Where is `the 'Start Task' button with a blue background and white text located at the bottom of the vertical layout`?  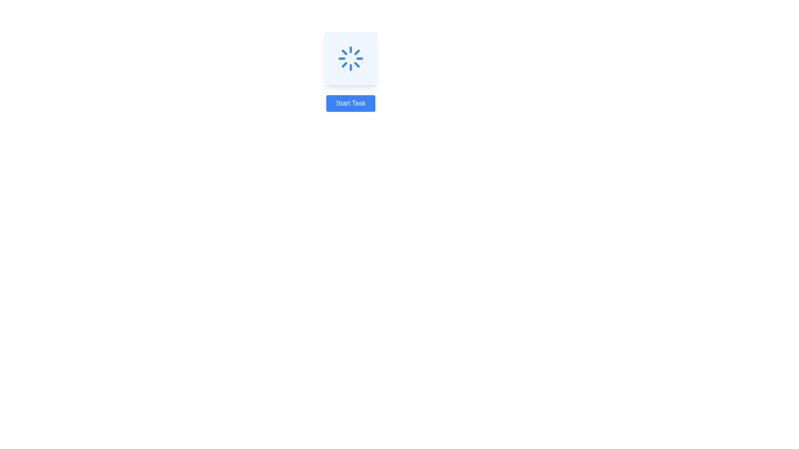
the 'Start Task' button with a blue background and white text located at the bottom of the vertical layout is located at coordinates (351, 103).